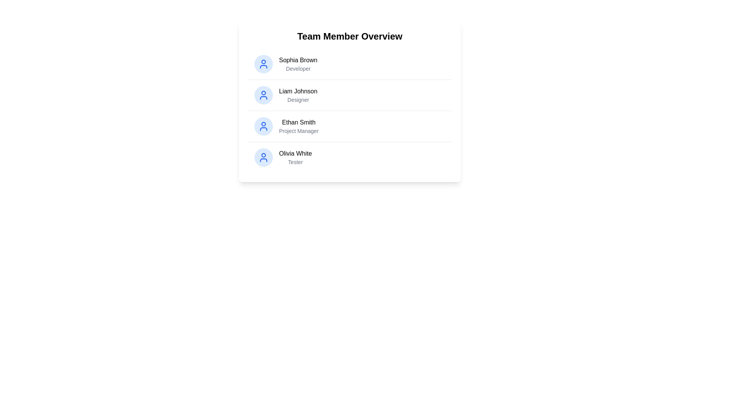 The image size is (739, 415). What do you see at coordinates (283, 157) in the screenshot?
I see `the avatar of the team member 'Olivia White'` at bounding box center [283, 157].